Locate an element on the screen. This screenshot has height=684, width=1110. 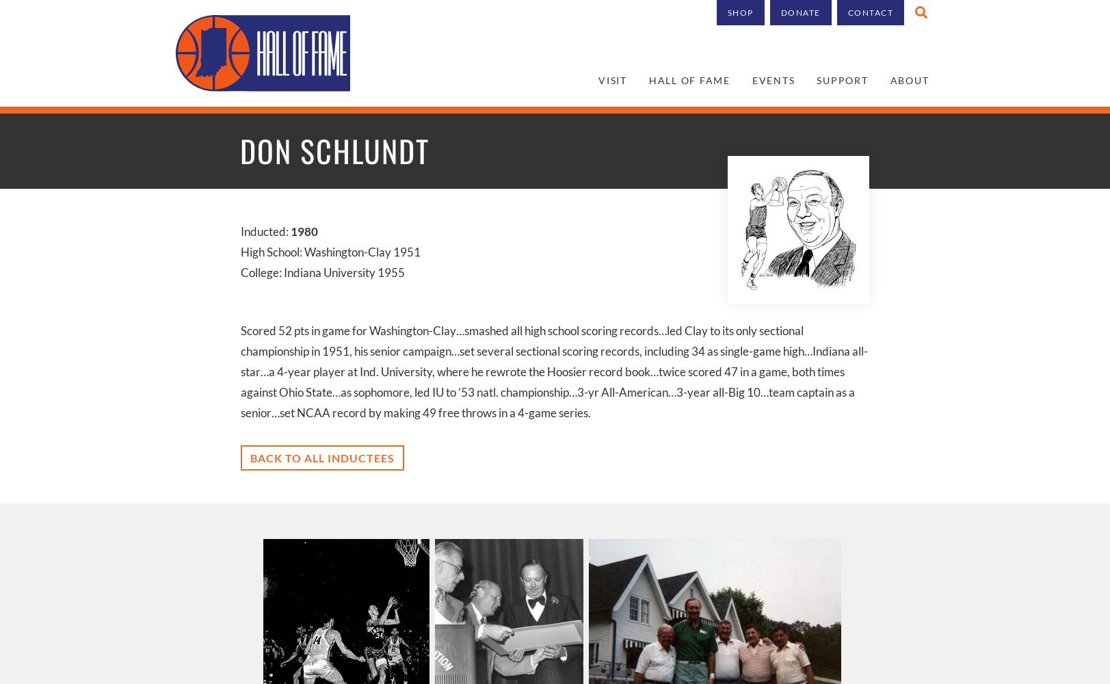
'Back to all inductees' is located at coordinates (321, 458).